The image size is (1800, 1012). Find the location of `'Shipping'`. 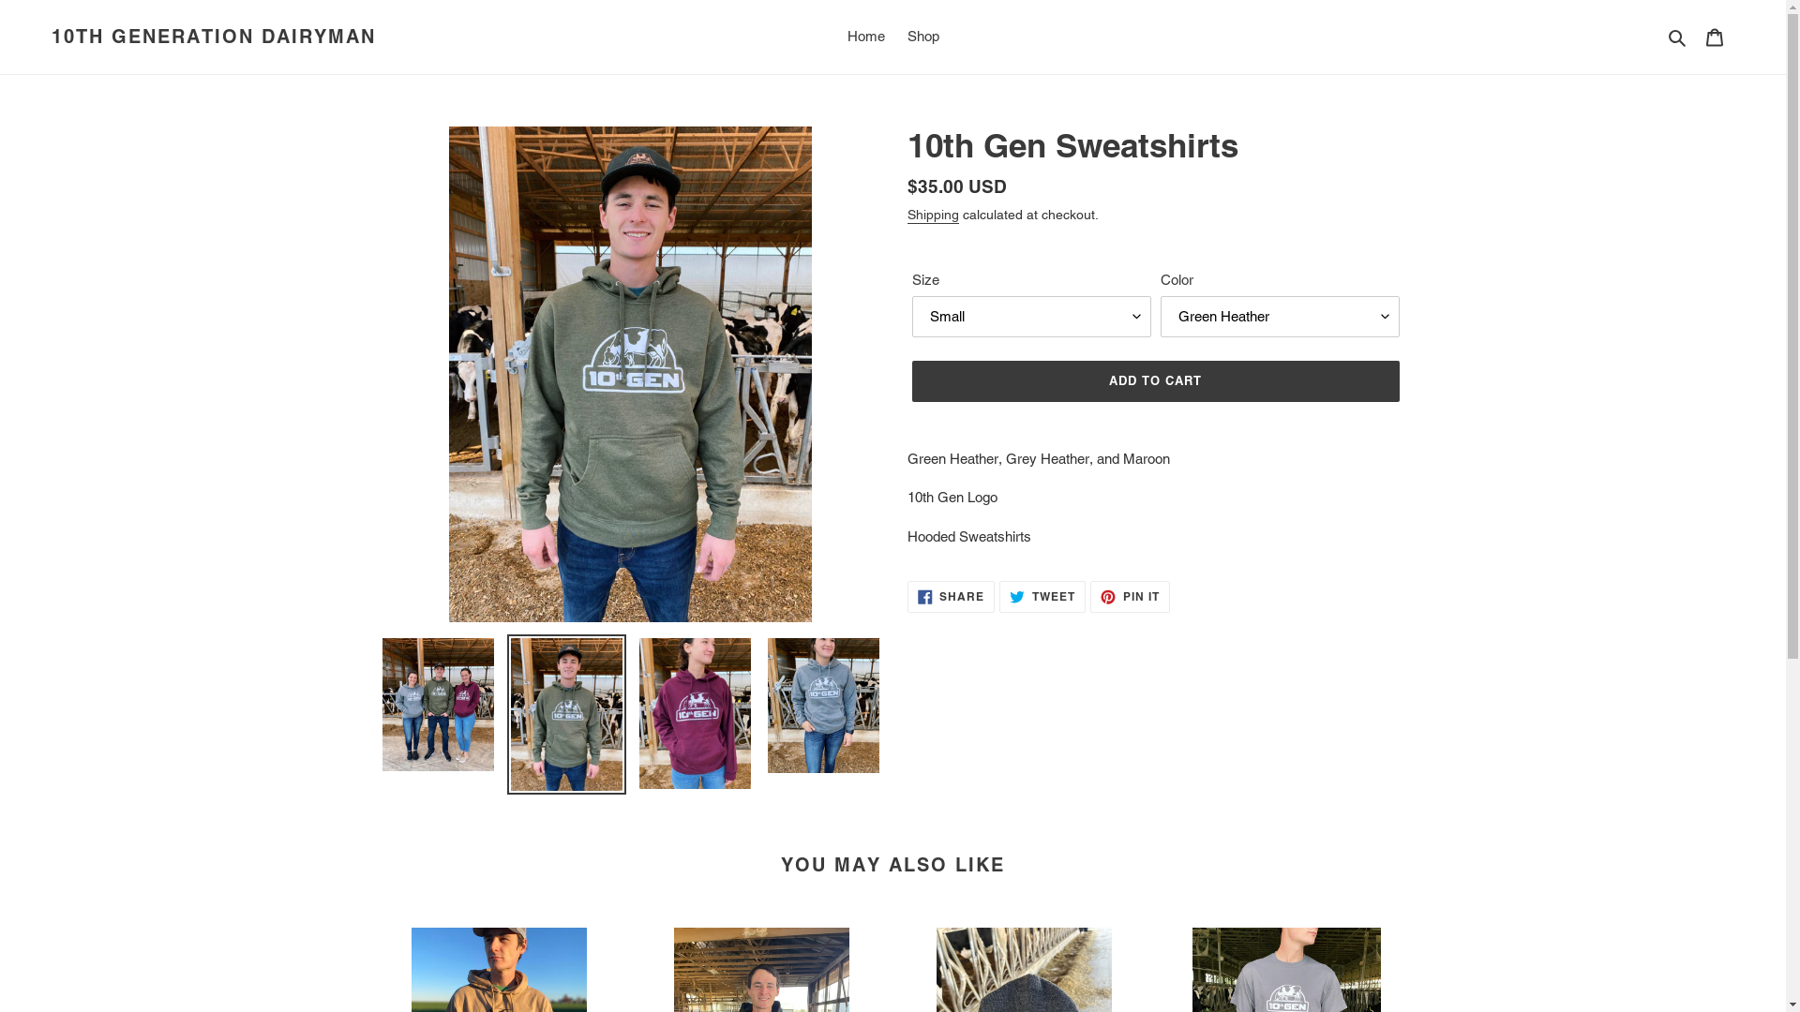

'Shipping' is located at coordinates (933, 215).